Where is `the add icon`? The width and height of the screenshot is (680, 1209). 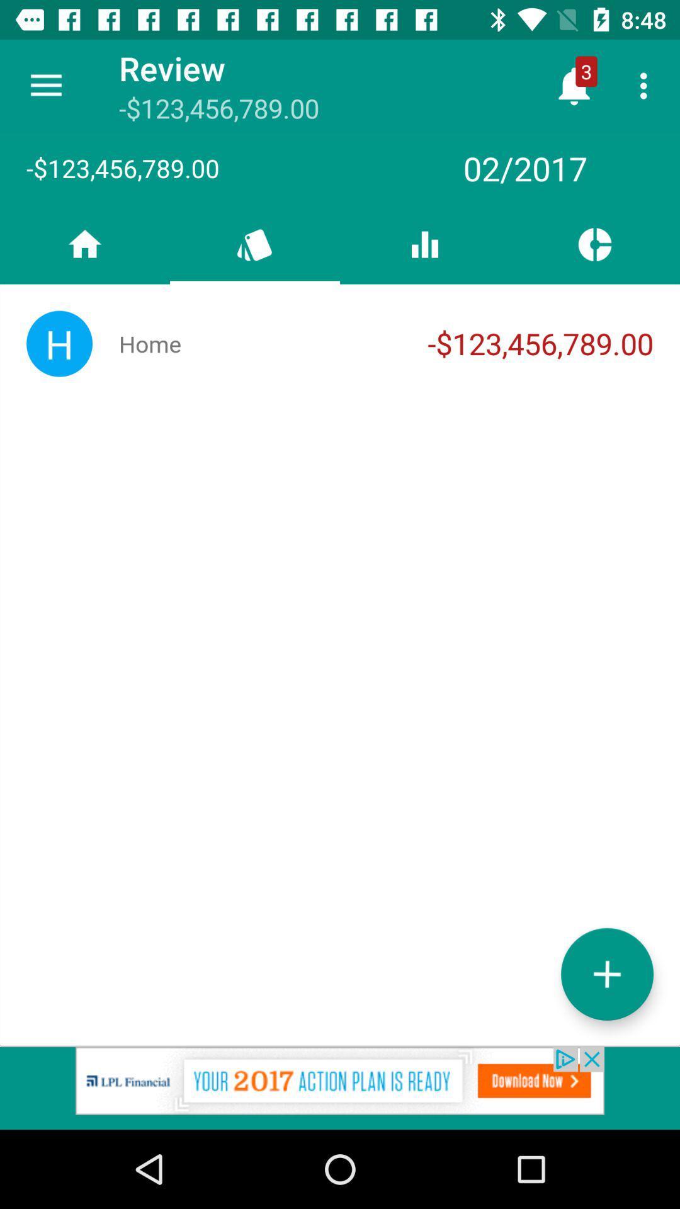
the add icon is located at coordinates (606, 973).